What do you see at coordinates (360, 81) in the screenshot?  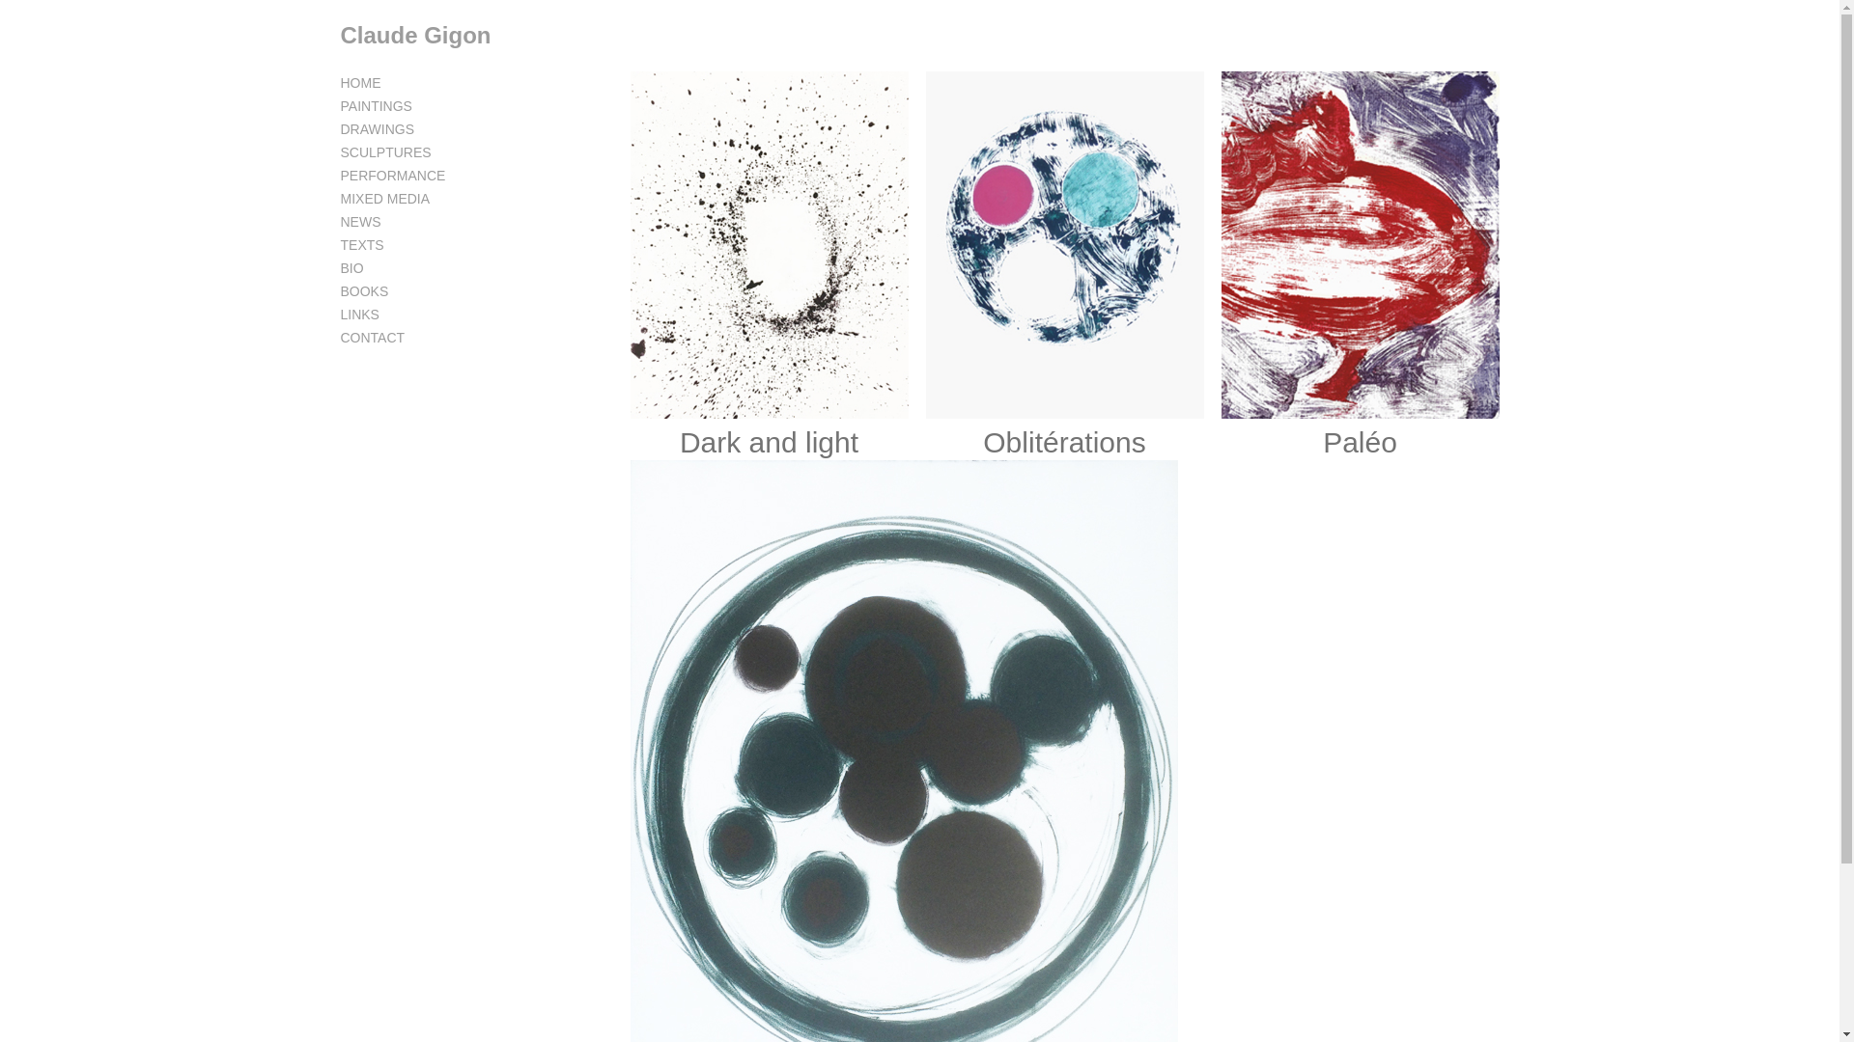 I see `'HOME'` at bounding box center [360, 81].